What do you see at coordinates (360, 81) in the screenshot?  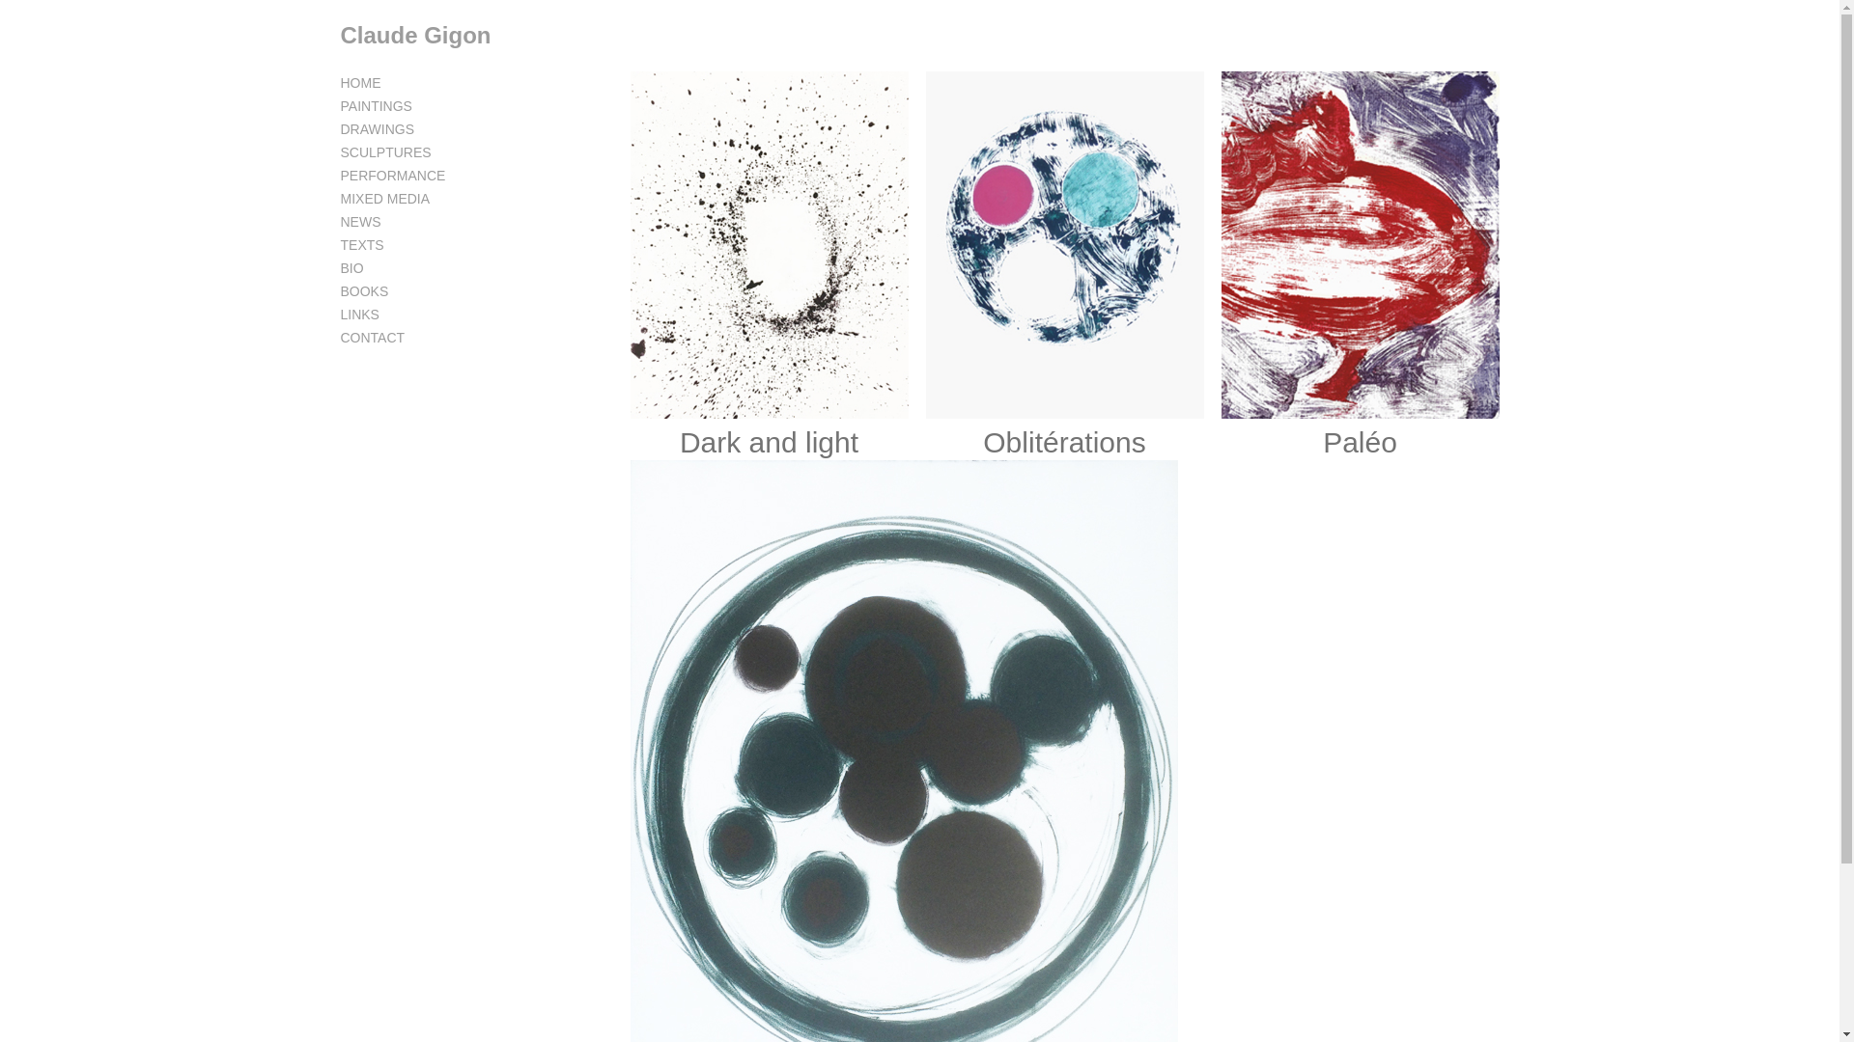 I see `'HOME'` at bounding box center [360, 81].